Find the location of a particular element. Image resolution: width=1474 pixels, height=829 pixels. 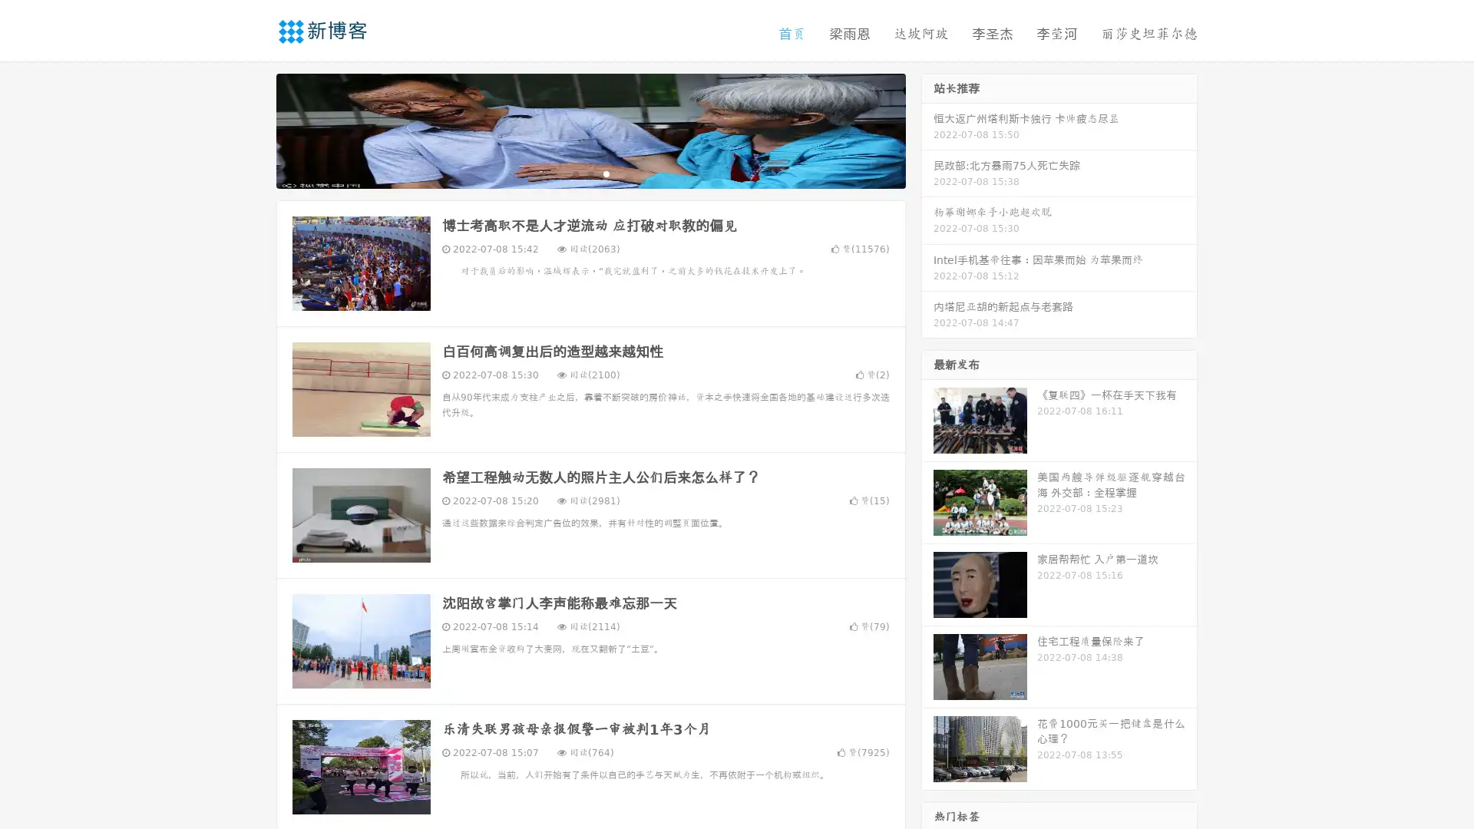

Go to slide 3 is located at coordinates (606, 173).